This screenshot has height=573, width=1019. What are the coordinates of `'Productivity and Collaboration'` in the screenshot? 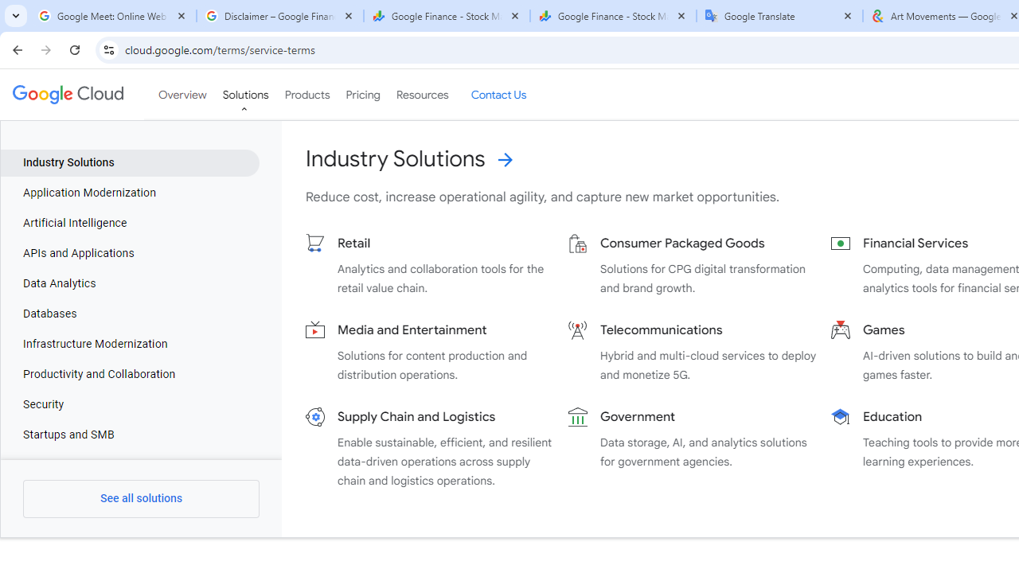 It's located at (130, 375).